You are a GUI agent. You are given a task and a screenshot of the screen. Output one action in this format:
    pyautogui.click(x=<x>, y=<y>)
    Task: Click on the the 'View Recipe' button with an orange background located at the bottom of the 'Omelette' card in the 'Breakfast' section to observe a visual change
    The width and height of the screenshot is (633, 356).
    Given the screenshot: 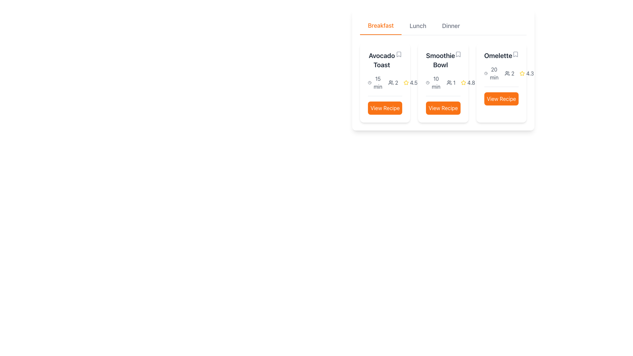 What is the action you would take?
    pyautogui.click(x=501, y=96)
    